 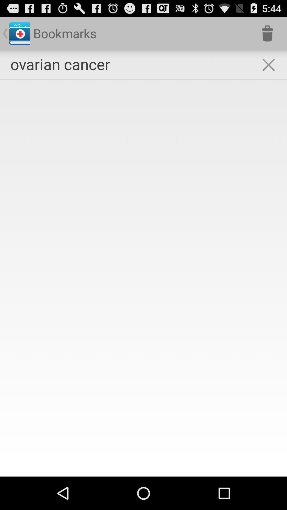 I want to click on the icon next to ovarian cancer, so click(x=268, y=65).